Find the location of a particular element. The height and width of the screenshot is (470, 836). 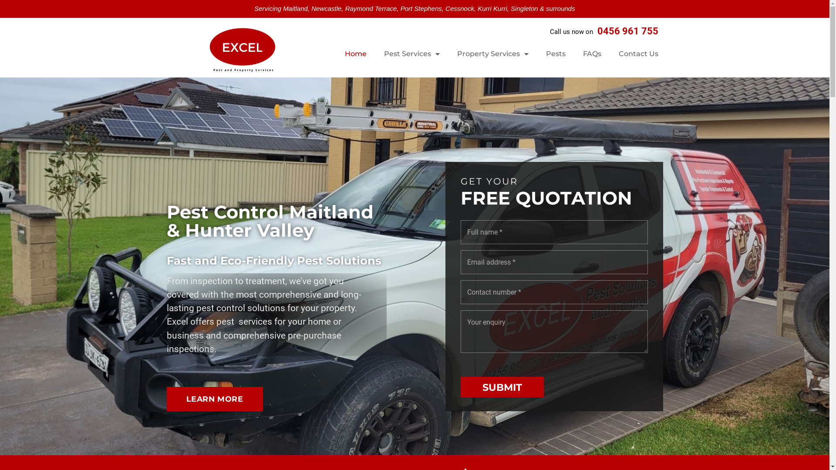

'FAQs' is located at coordinates (592, 54).